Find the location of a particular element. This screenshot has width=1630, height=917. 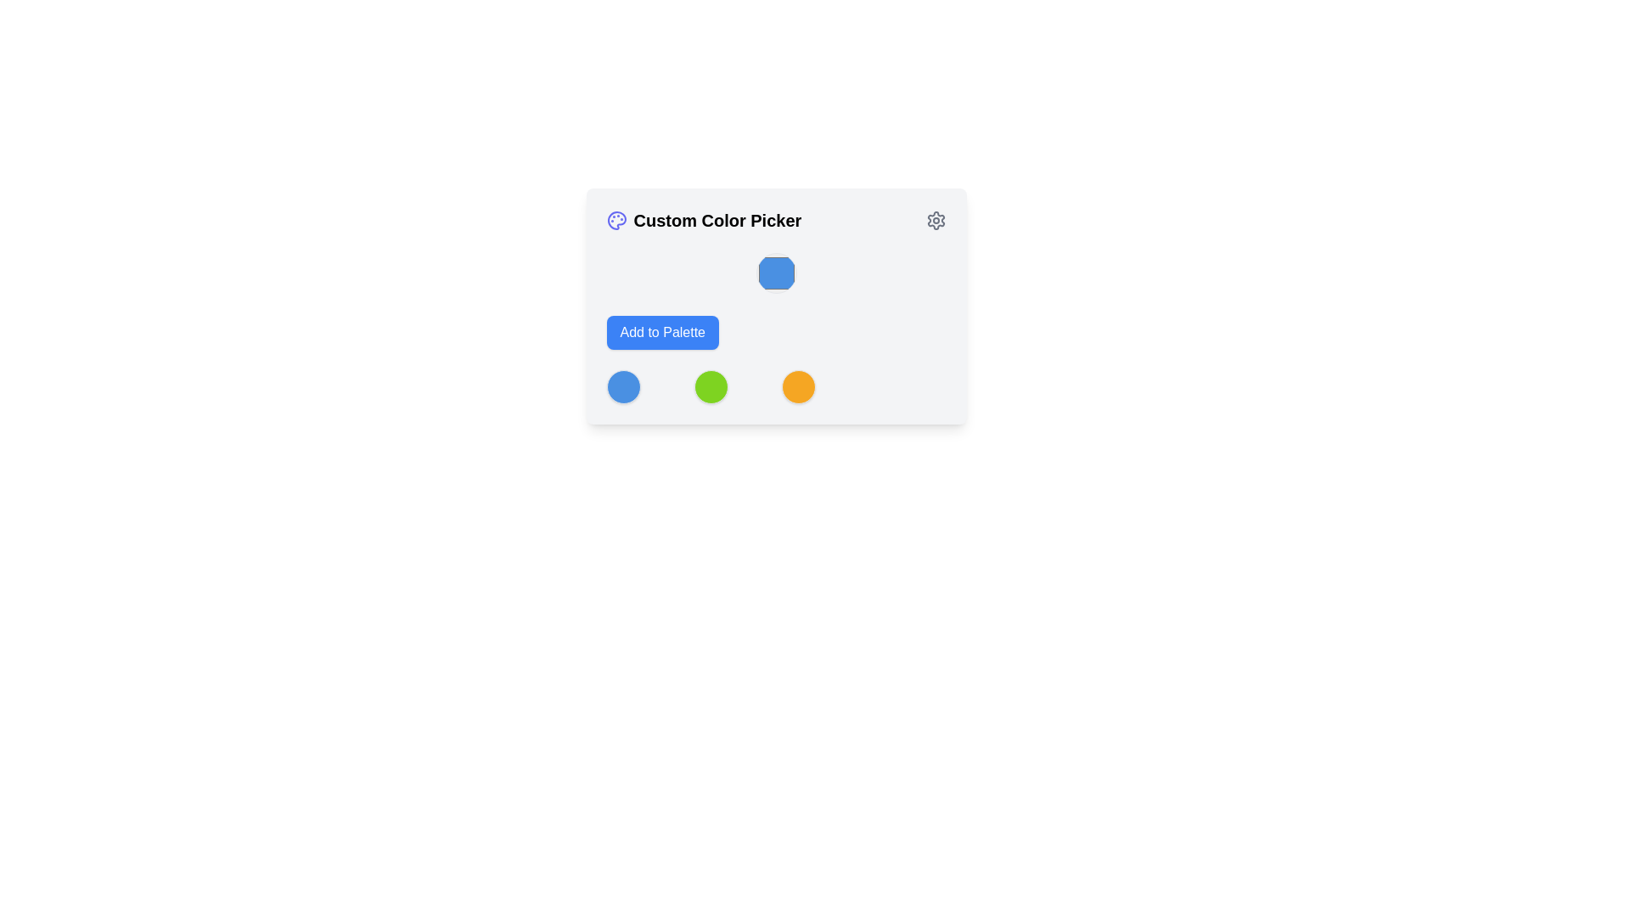

the Settings icon located on the far right of the 'Custom Color Picker' header is located at coordinates (935, 219).